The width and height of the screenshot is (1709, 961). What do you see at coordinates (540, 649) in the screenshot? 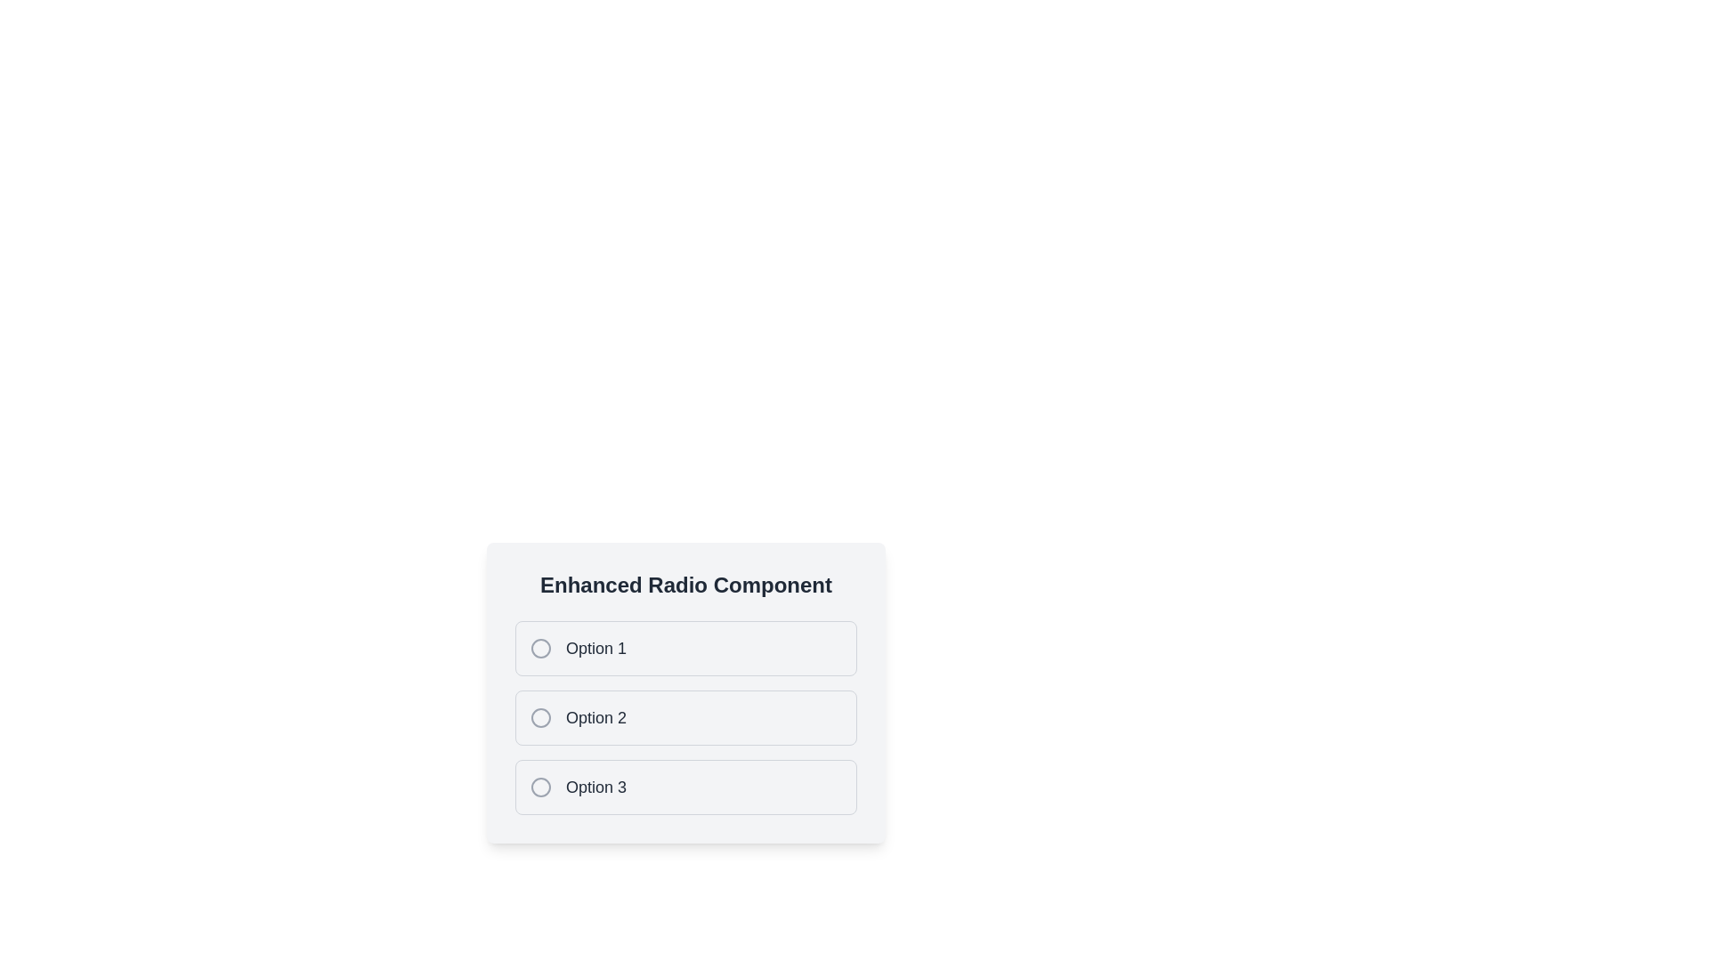
I see `the inner circle of the radio button for 'Option 1' in the 'Enhanced Radio Component', which indicates that this option is selected` at bounding box center [540, 649].